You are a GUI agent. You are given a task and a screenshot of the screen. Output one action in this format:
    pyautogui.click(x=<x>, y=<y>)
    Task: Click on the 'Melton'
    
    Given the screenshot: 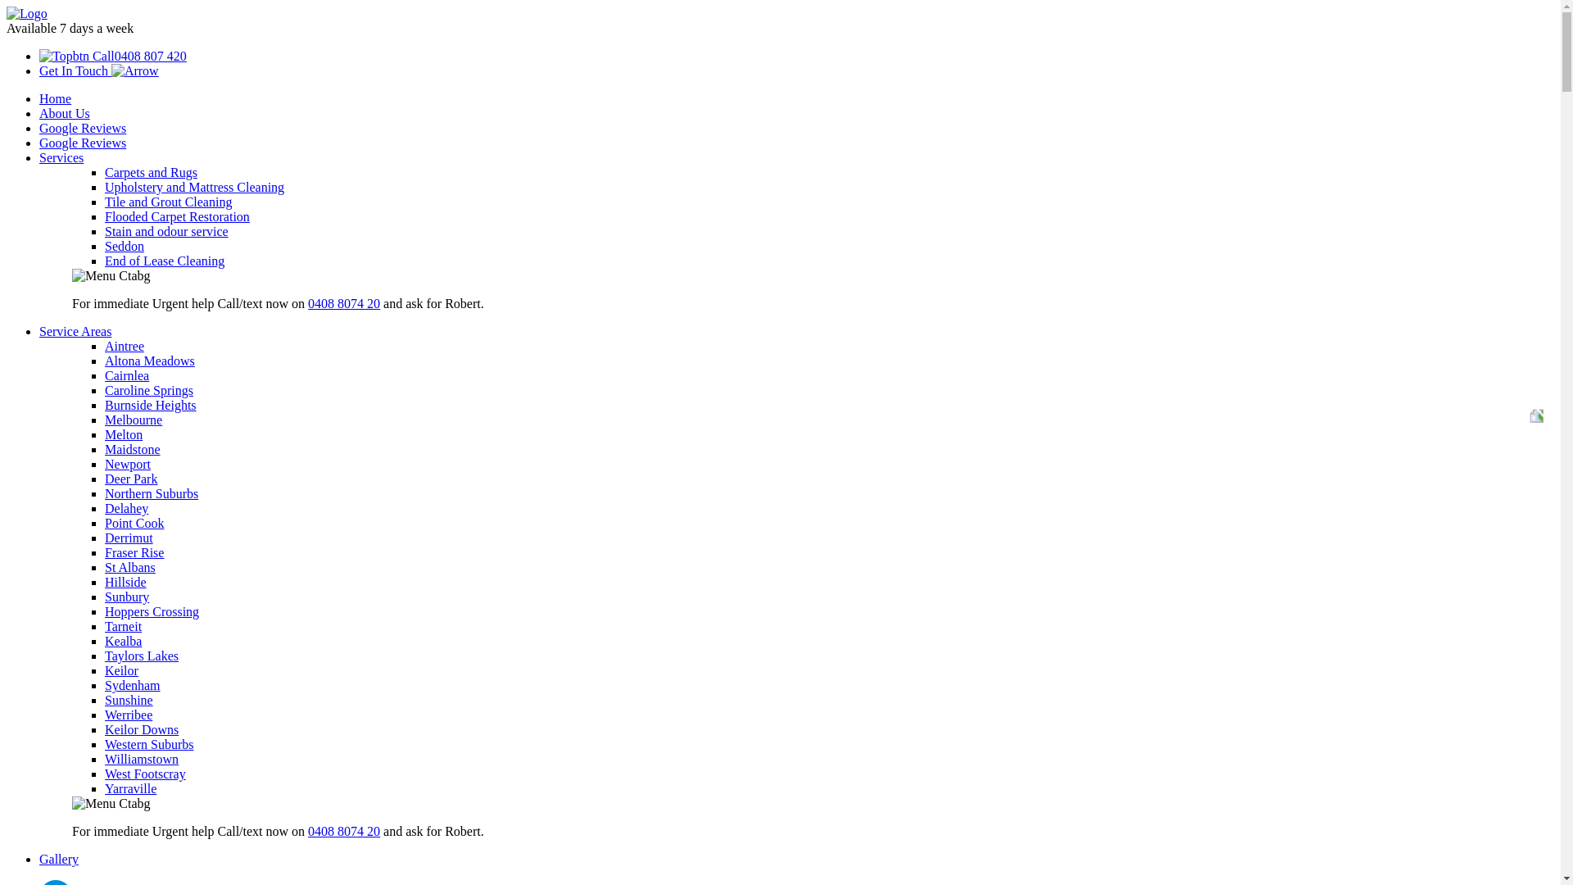 What is the action you would take?
    pyautogui.click(x=104, y=433)
    